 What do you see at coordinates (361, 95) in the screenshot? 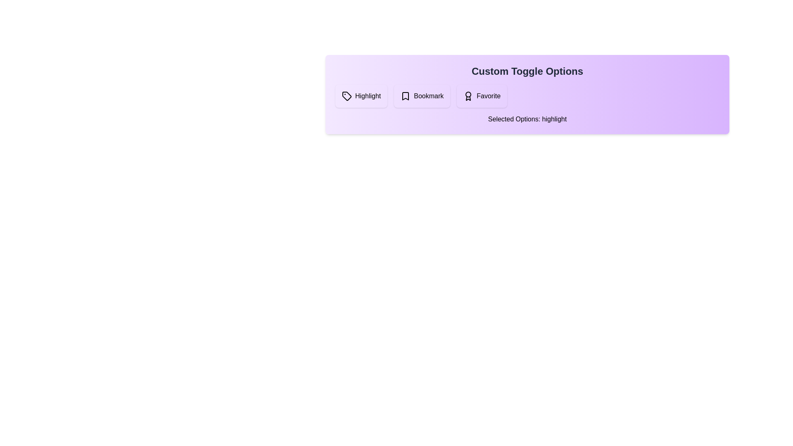
I see `the 'Highlight' button to toggle its state` at bounding box center [361, 95].